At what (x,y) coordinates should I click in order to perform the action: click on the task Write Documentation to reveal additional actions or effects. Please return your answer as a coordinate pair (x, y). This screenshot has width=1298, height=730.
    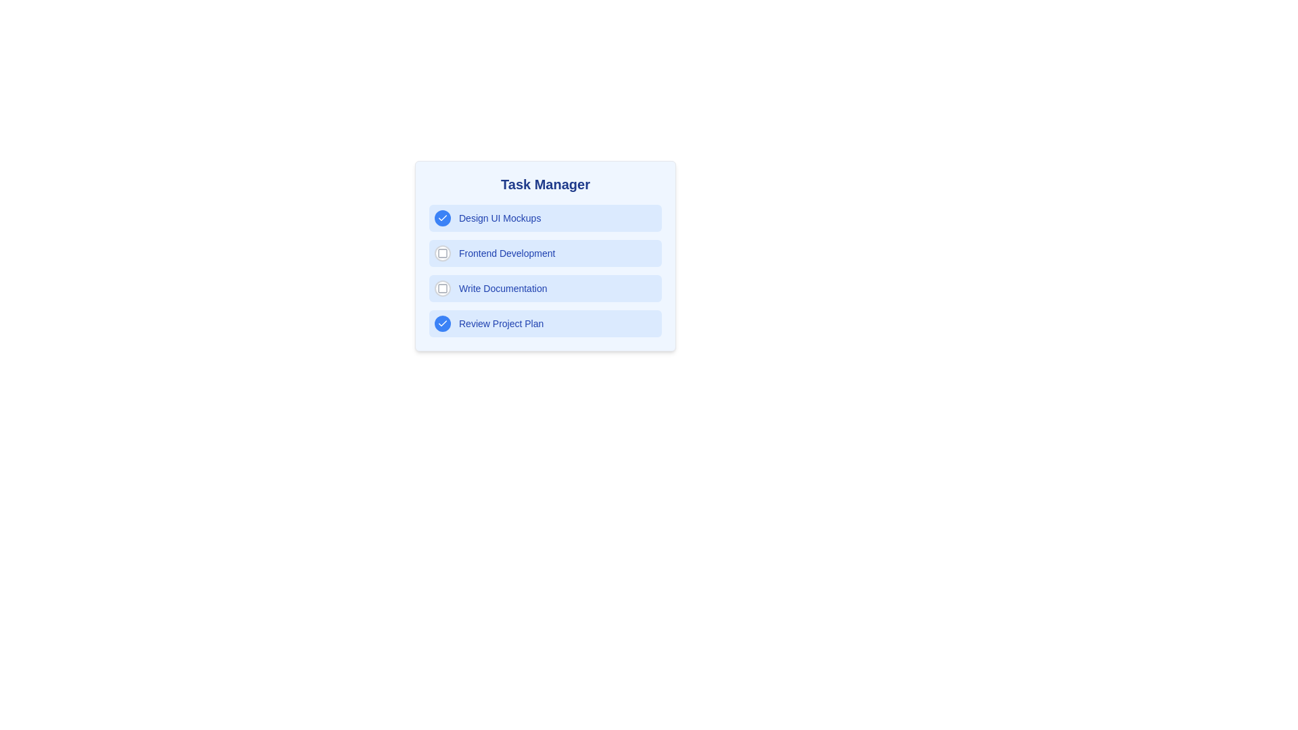
    Looking at the image, I should click on (545, 288).